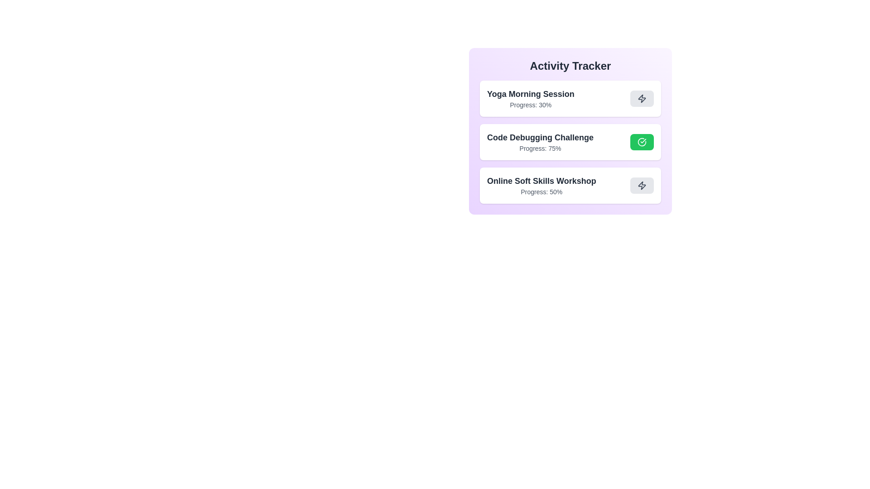  What do you see at coordinates (641, 142) in the screenshot?
I see `the activity associated with the Code Debugging Challenge button` at bounding box center [641, 142].